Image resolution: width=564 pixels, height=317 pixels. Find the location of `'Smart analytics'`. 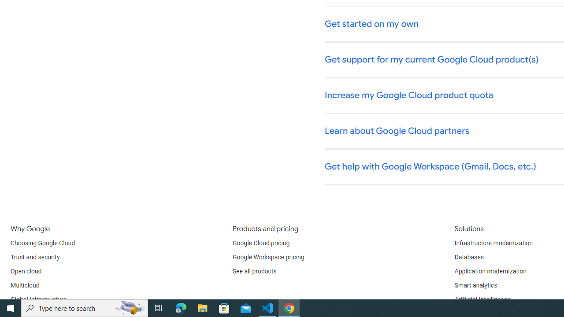

'Smart analytics' is located at coordinates (475, 286).